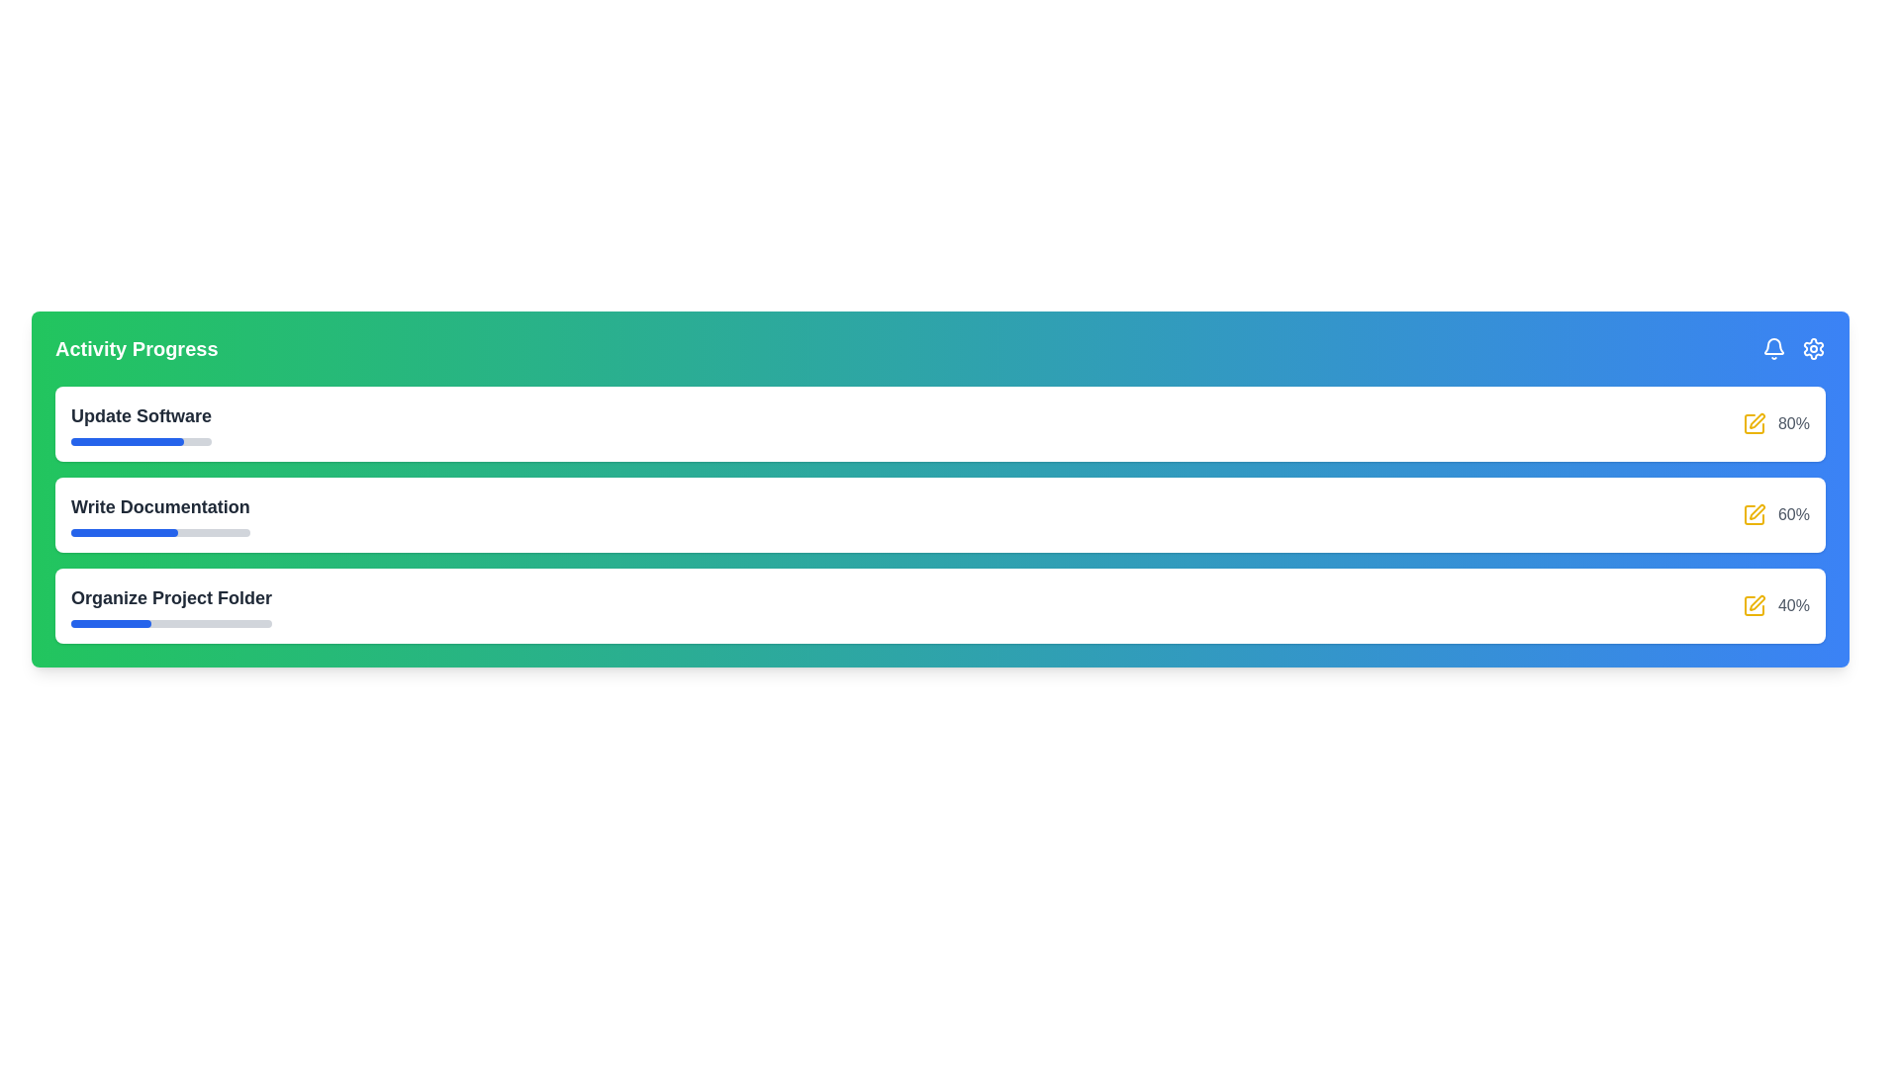  What do you see at coordinates (110, 624) in the screenshot?
I see `the visual progress representation of the blue progress bar segment indicating 40% progress within the 'Organize Project Folder' progress bar` at bounding box center [110, 624].